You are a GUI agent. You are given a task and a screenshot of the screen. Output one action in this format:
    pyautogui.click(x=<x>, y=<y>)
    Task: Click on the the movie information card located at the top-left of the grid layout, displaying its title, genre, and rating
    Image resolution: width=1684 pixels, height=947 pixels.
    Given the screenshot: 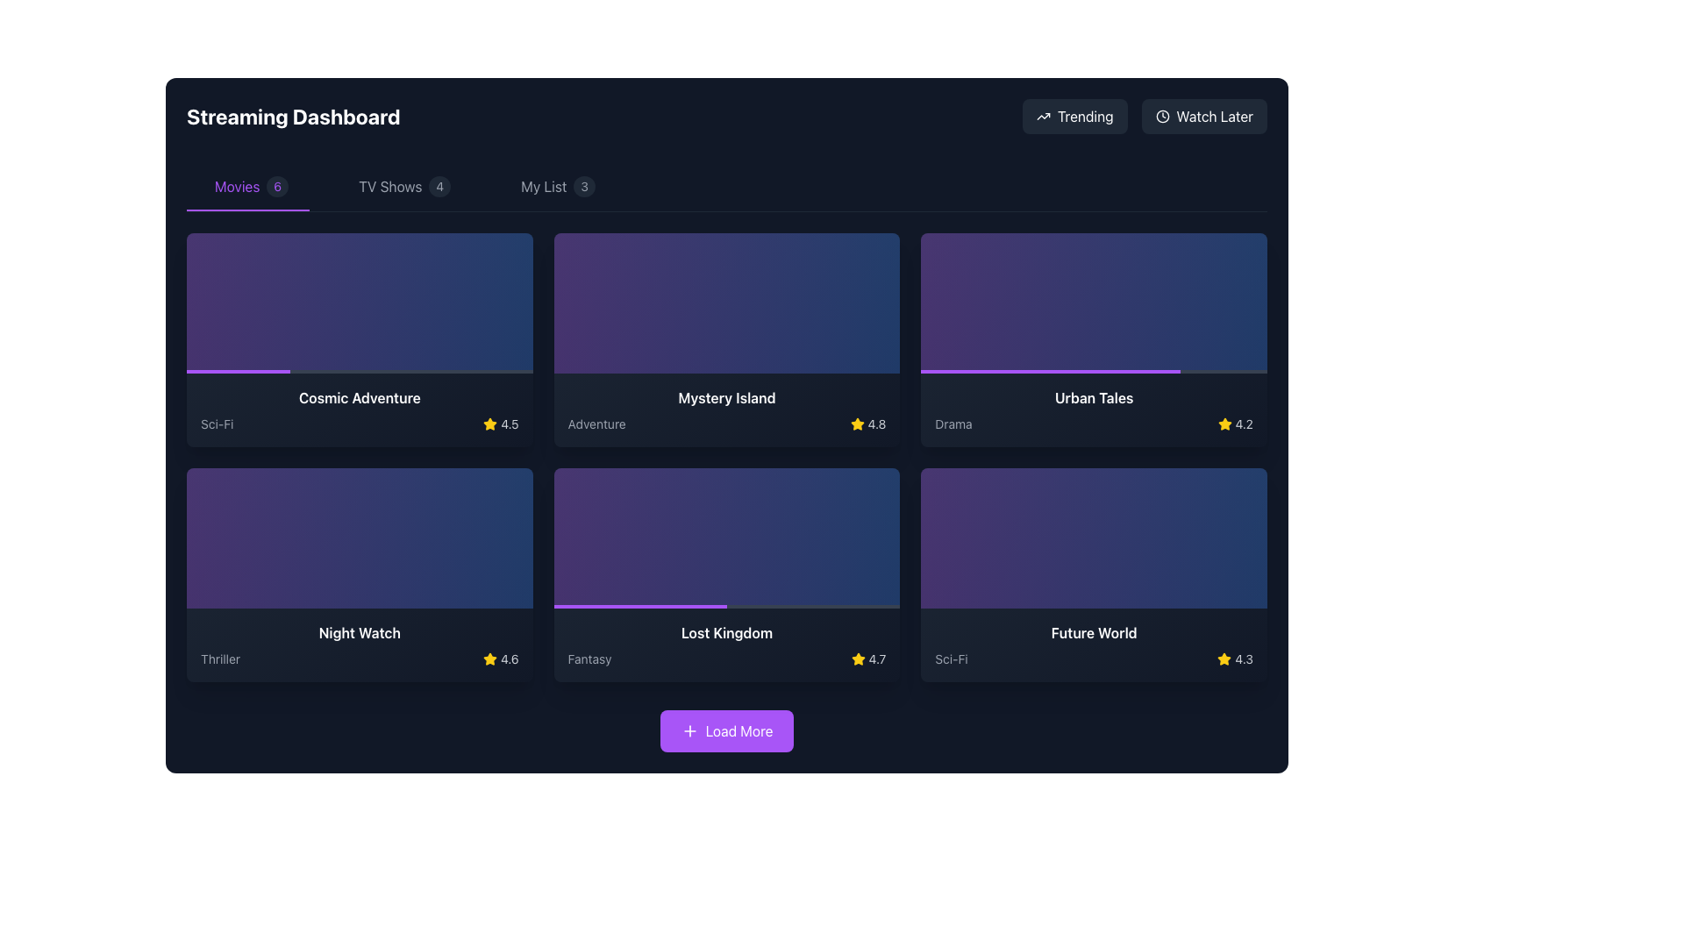 What is the action you would take?
    pyautogui.click(x=359, y=409)
    